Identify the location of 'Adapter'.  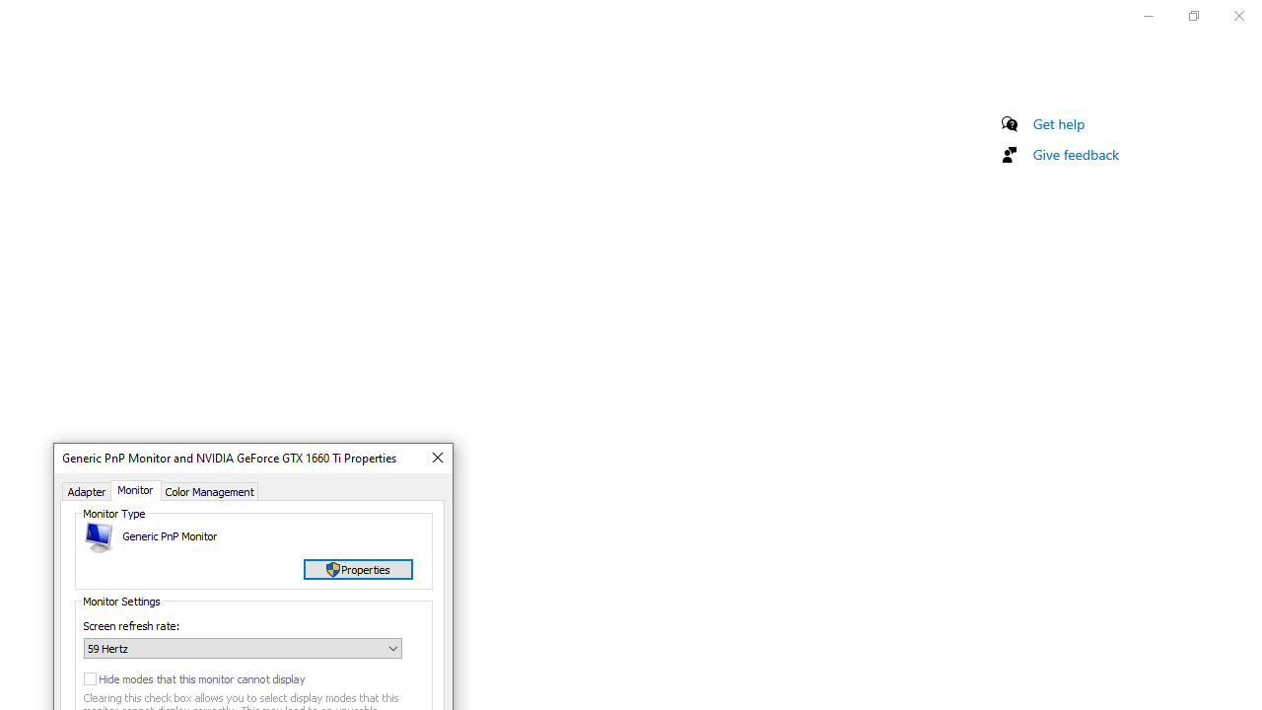
(86, 489).